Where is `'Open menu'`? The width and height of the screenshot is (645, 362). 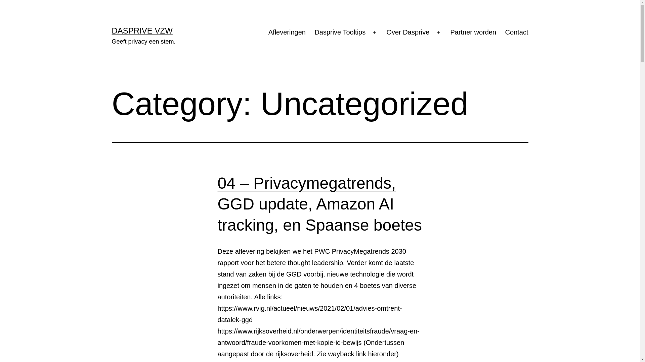 'Open menu' is located at coordinates (438, 32).